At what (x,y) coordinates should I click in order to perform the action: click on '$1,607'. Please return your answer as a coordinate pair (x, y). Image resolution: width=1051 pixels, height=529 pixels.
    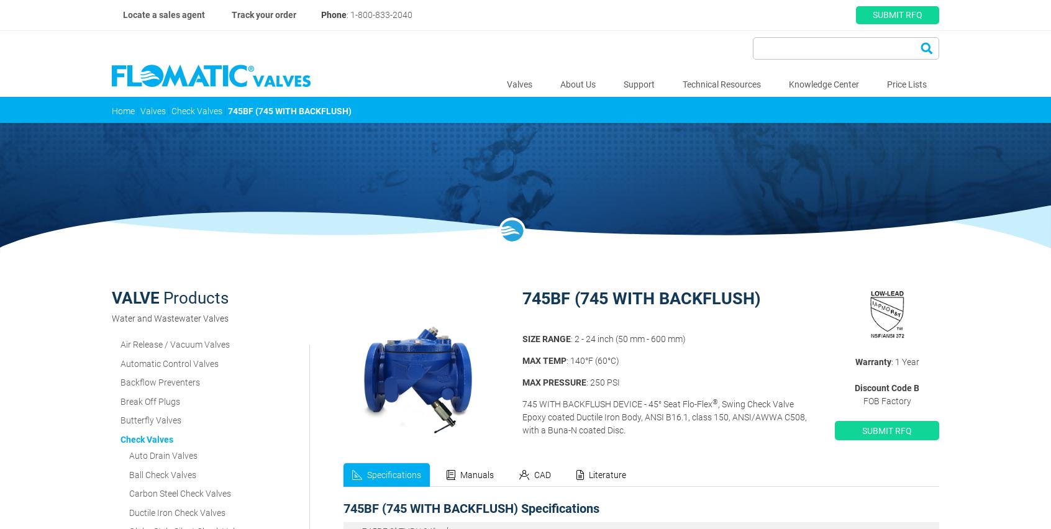
    Looking at the image, I should click on (801, 436).